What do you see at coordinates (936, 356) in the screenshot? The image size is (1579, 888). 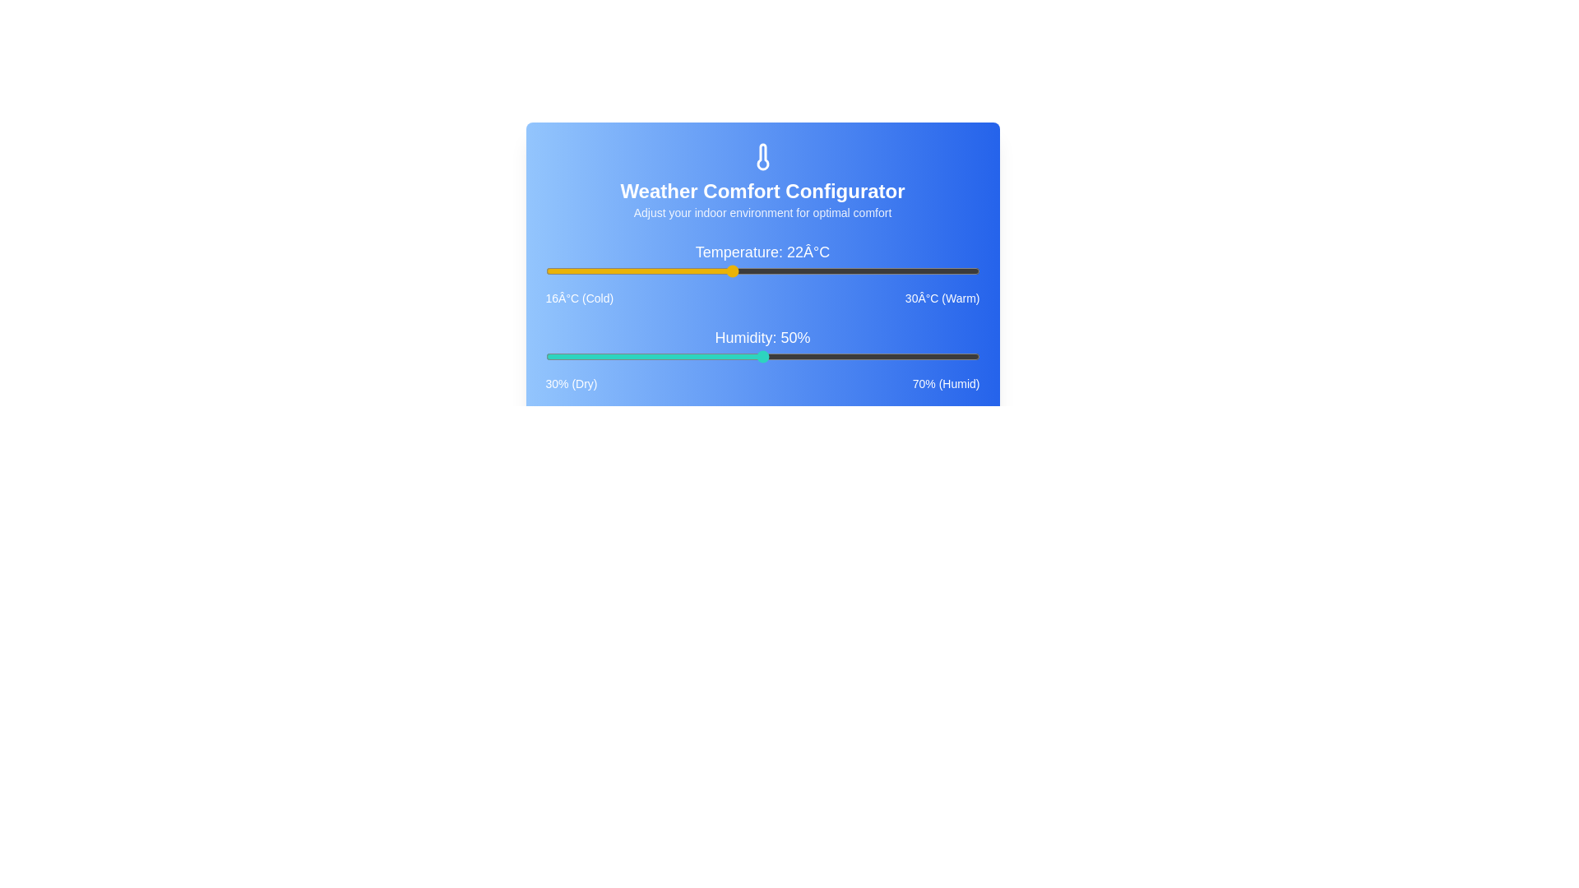 I see `the humidity slider to 66%` at bounding box center [936, 356].